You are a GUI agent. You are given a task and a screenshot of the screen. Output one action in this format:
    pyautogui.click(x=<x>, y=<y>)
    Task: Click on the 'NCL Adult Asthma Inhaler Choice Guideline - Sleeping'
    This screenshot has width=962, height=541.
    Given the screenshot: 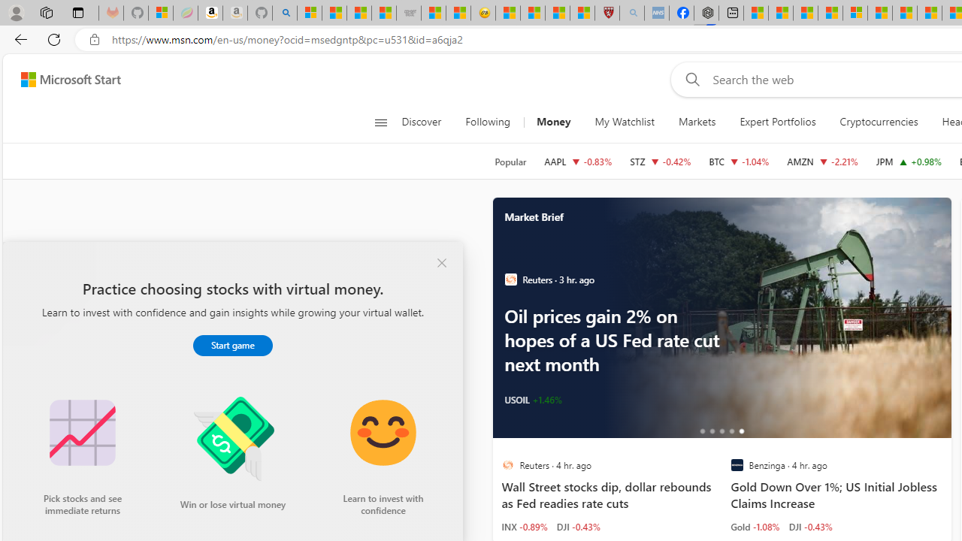 What is the action you would take?
    pyautogui.click(x=656, y=13)
    